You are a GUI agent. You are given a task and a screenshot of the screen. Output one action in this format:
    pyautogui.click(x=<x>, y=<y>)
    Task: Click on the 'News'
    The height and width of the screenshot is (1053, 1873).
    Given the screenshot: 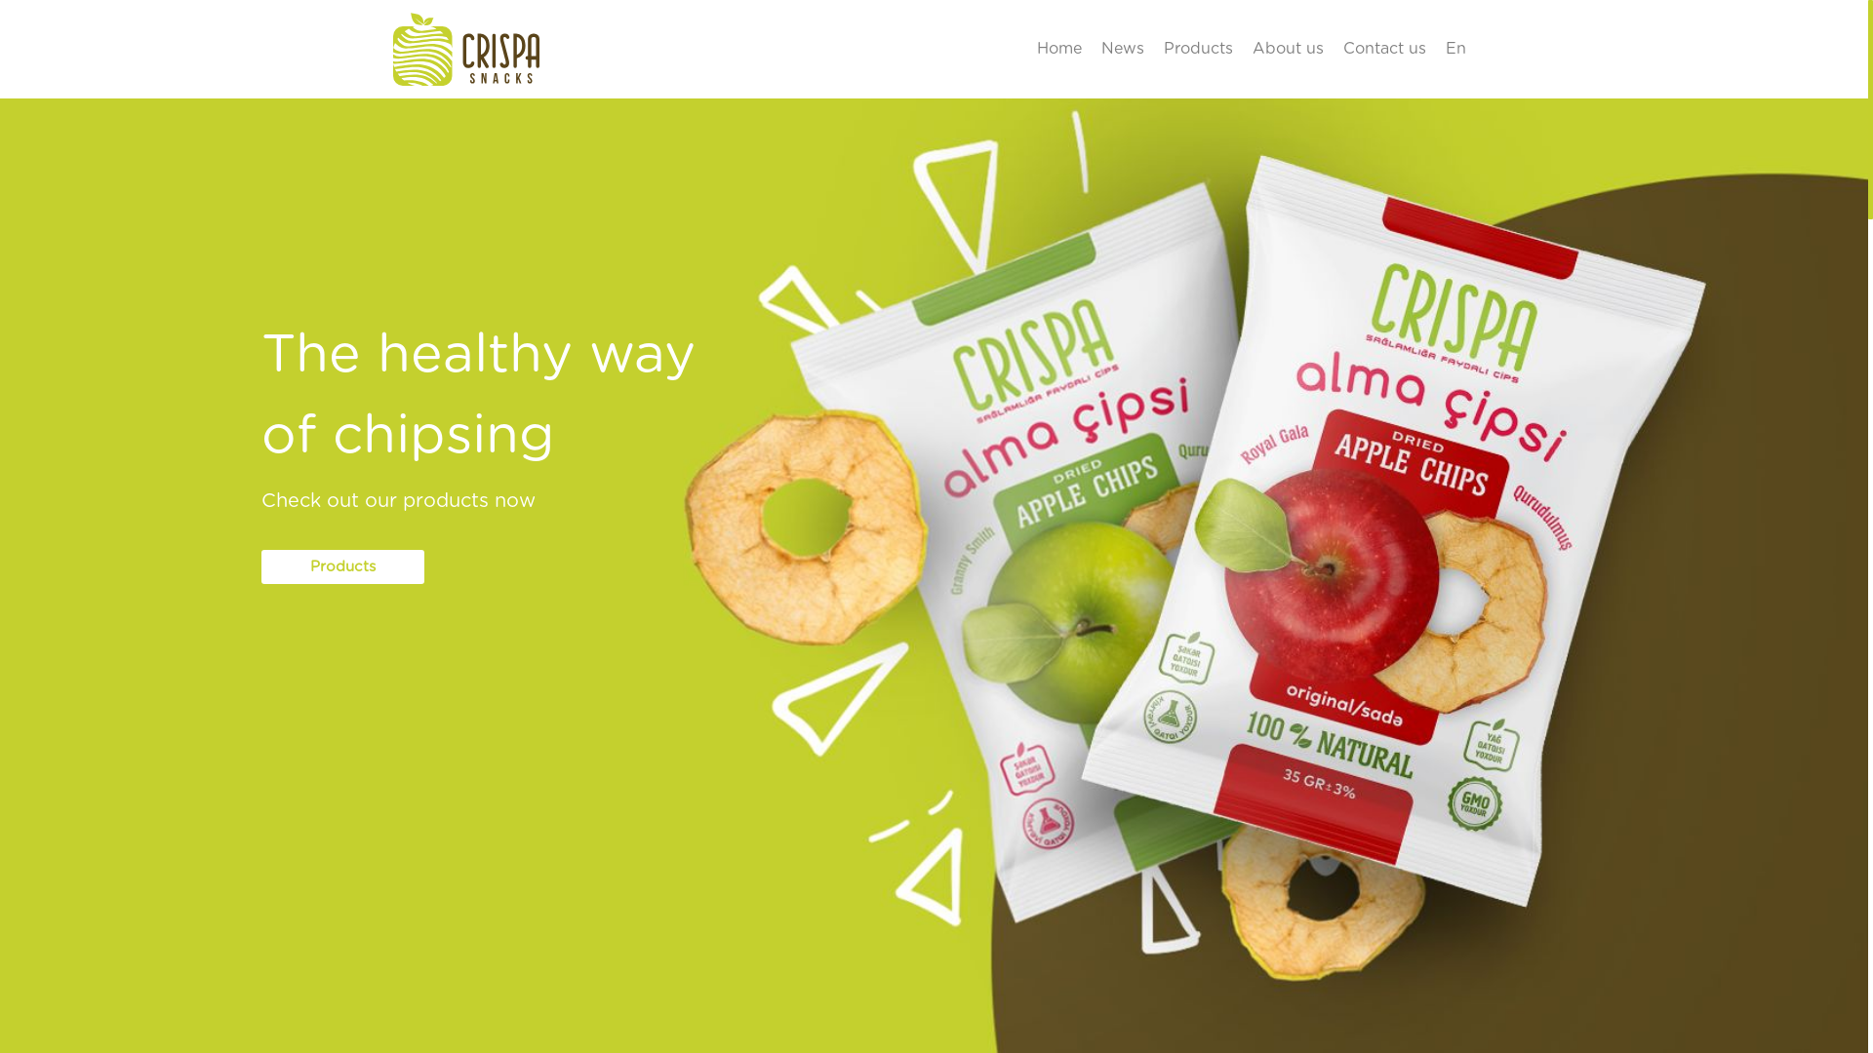 What is the action you would take?
    pyautogui.click(x=1090, y=48)
    